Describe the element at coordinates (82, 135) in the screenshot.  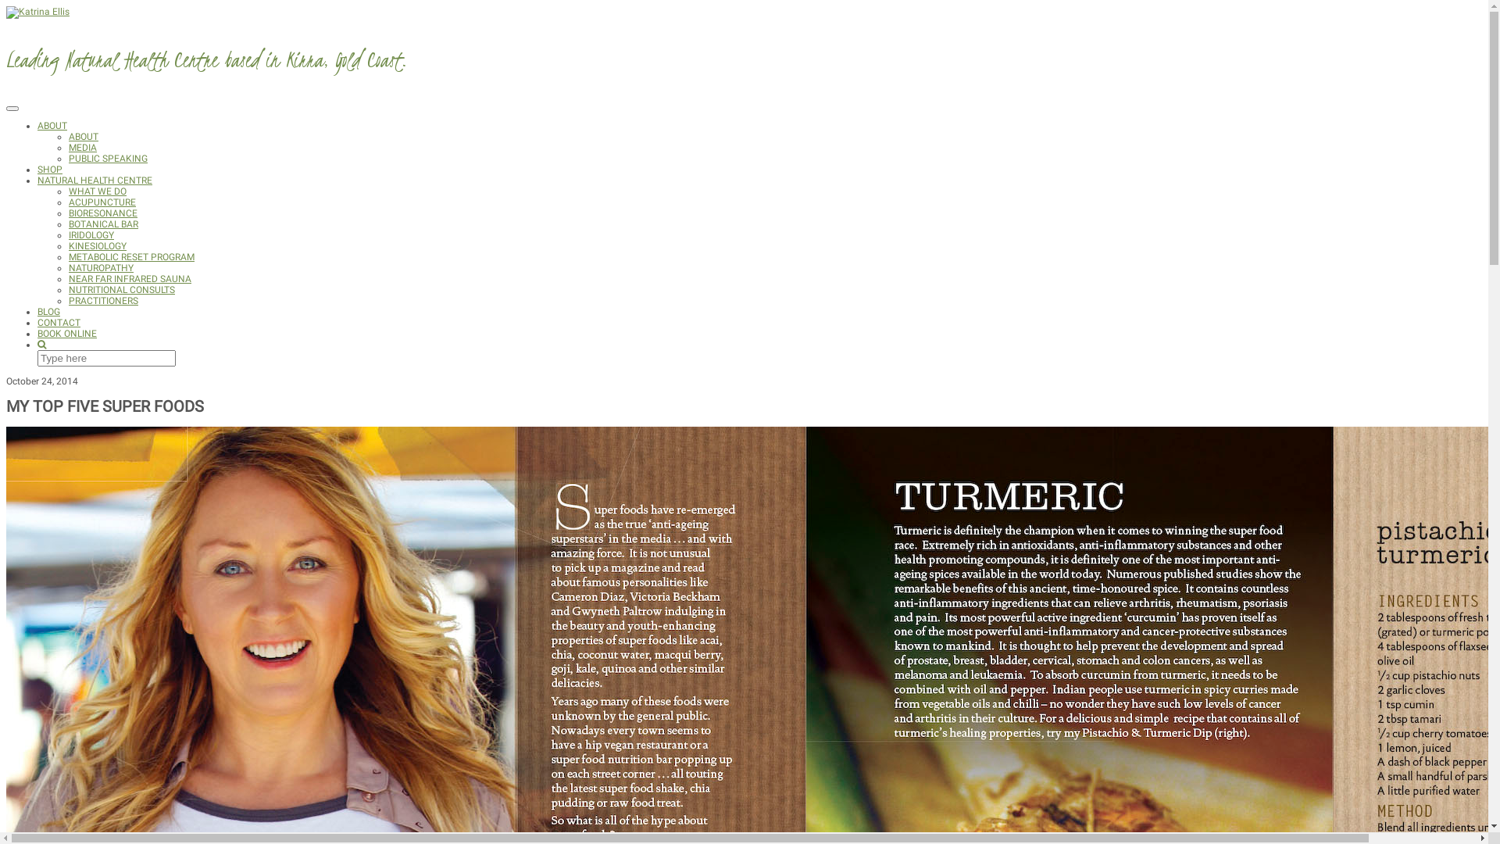
I see `'ABOUT'` at that location.